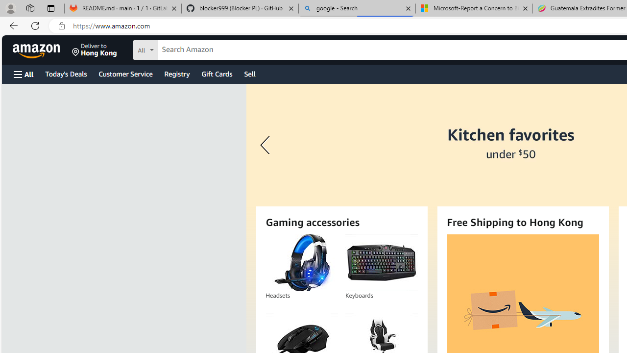 The width and height of the screenshot is (627, 353). What do you see at coordinates (266, 145) in the screenshot?
I see `'Previous slide'` at bounding box center [266, 145].